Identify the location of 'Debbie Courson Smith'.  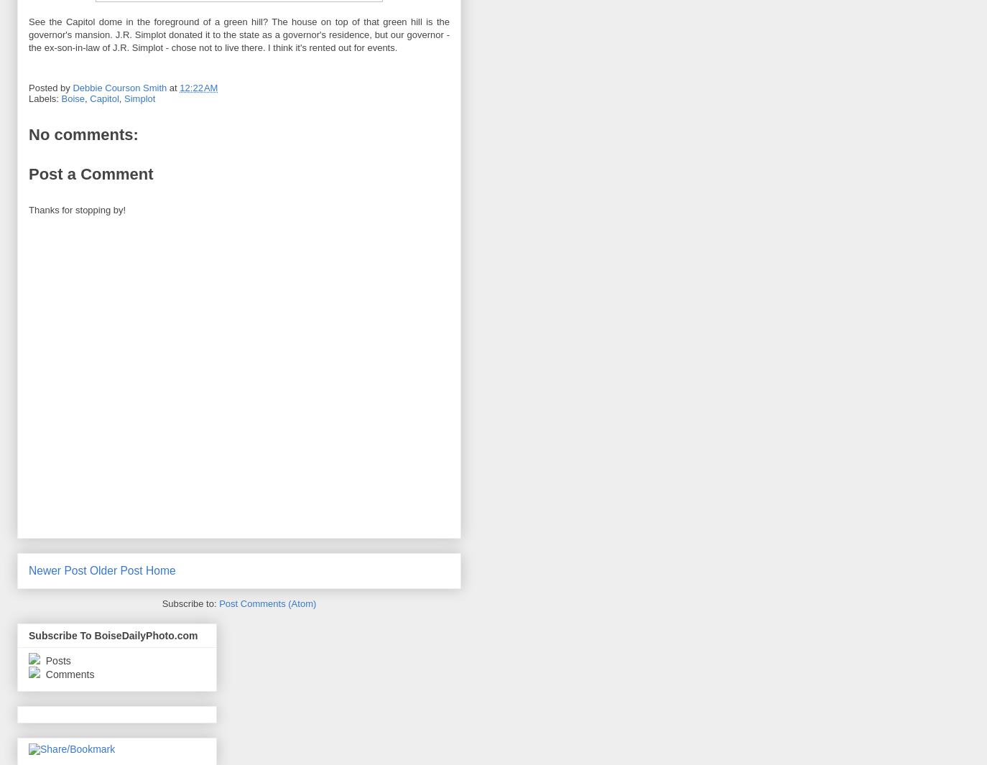
(119, 87).